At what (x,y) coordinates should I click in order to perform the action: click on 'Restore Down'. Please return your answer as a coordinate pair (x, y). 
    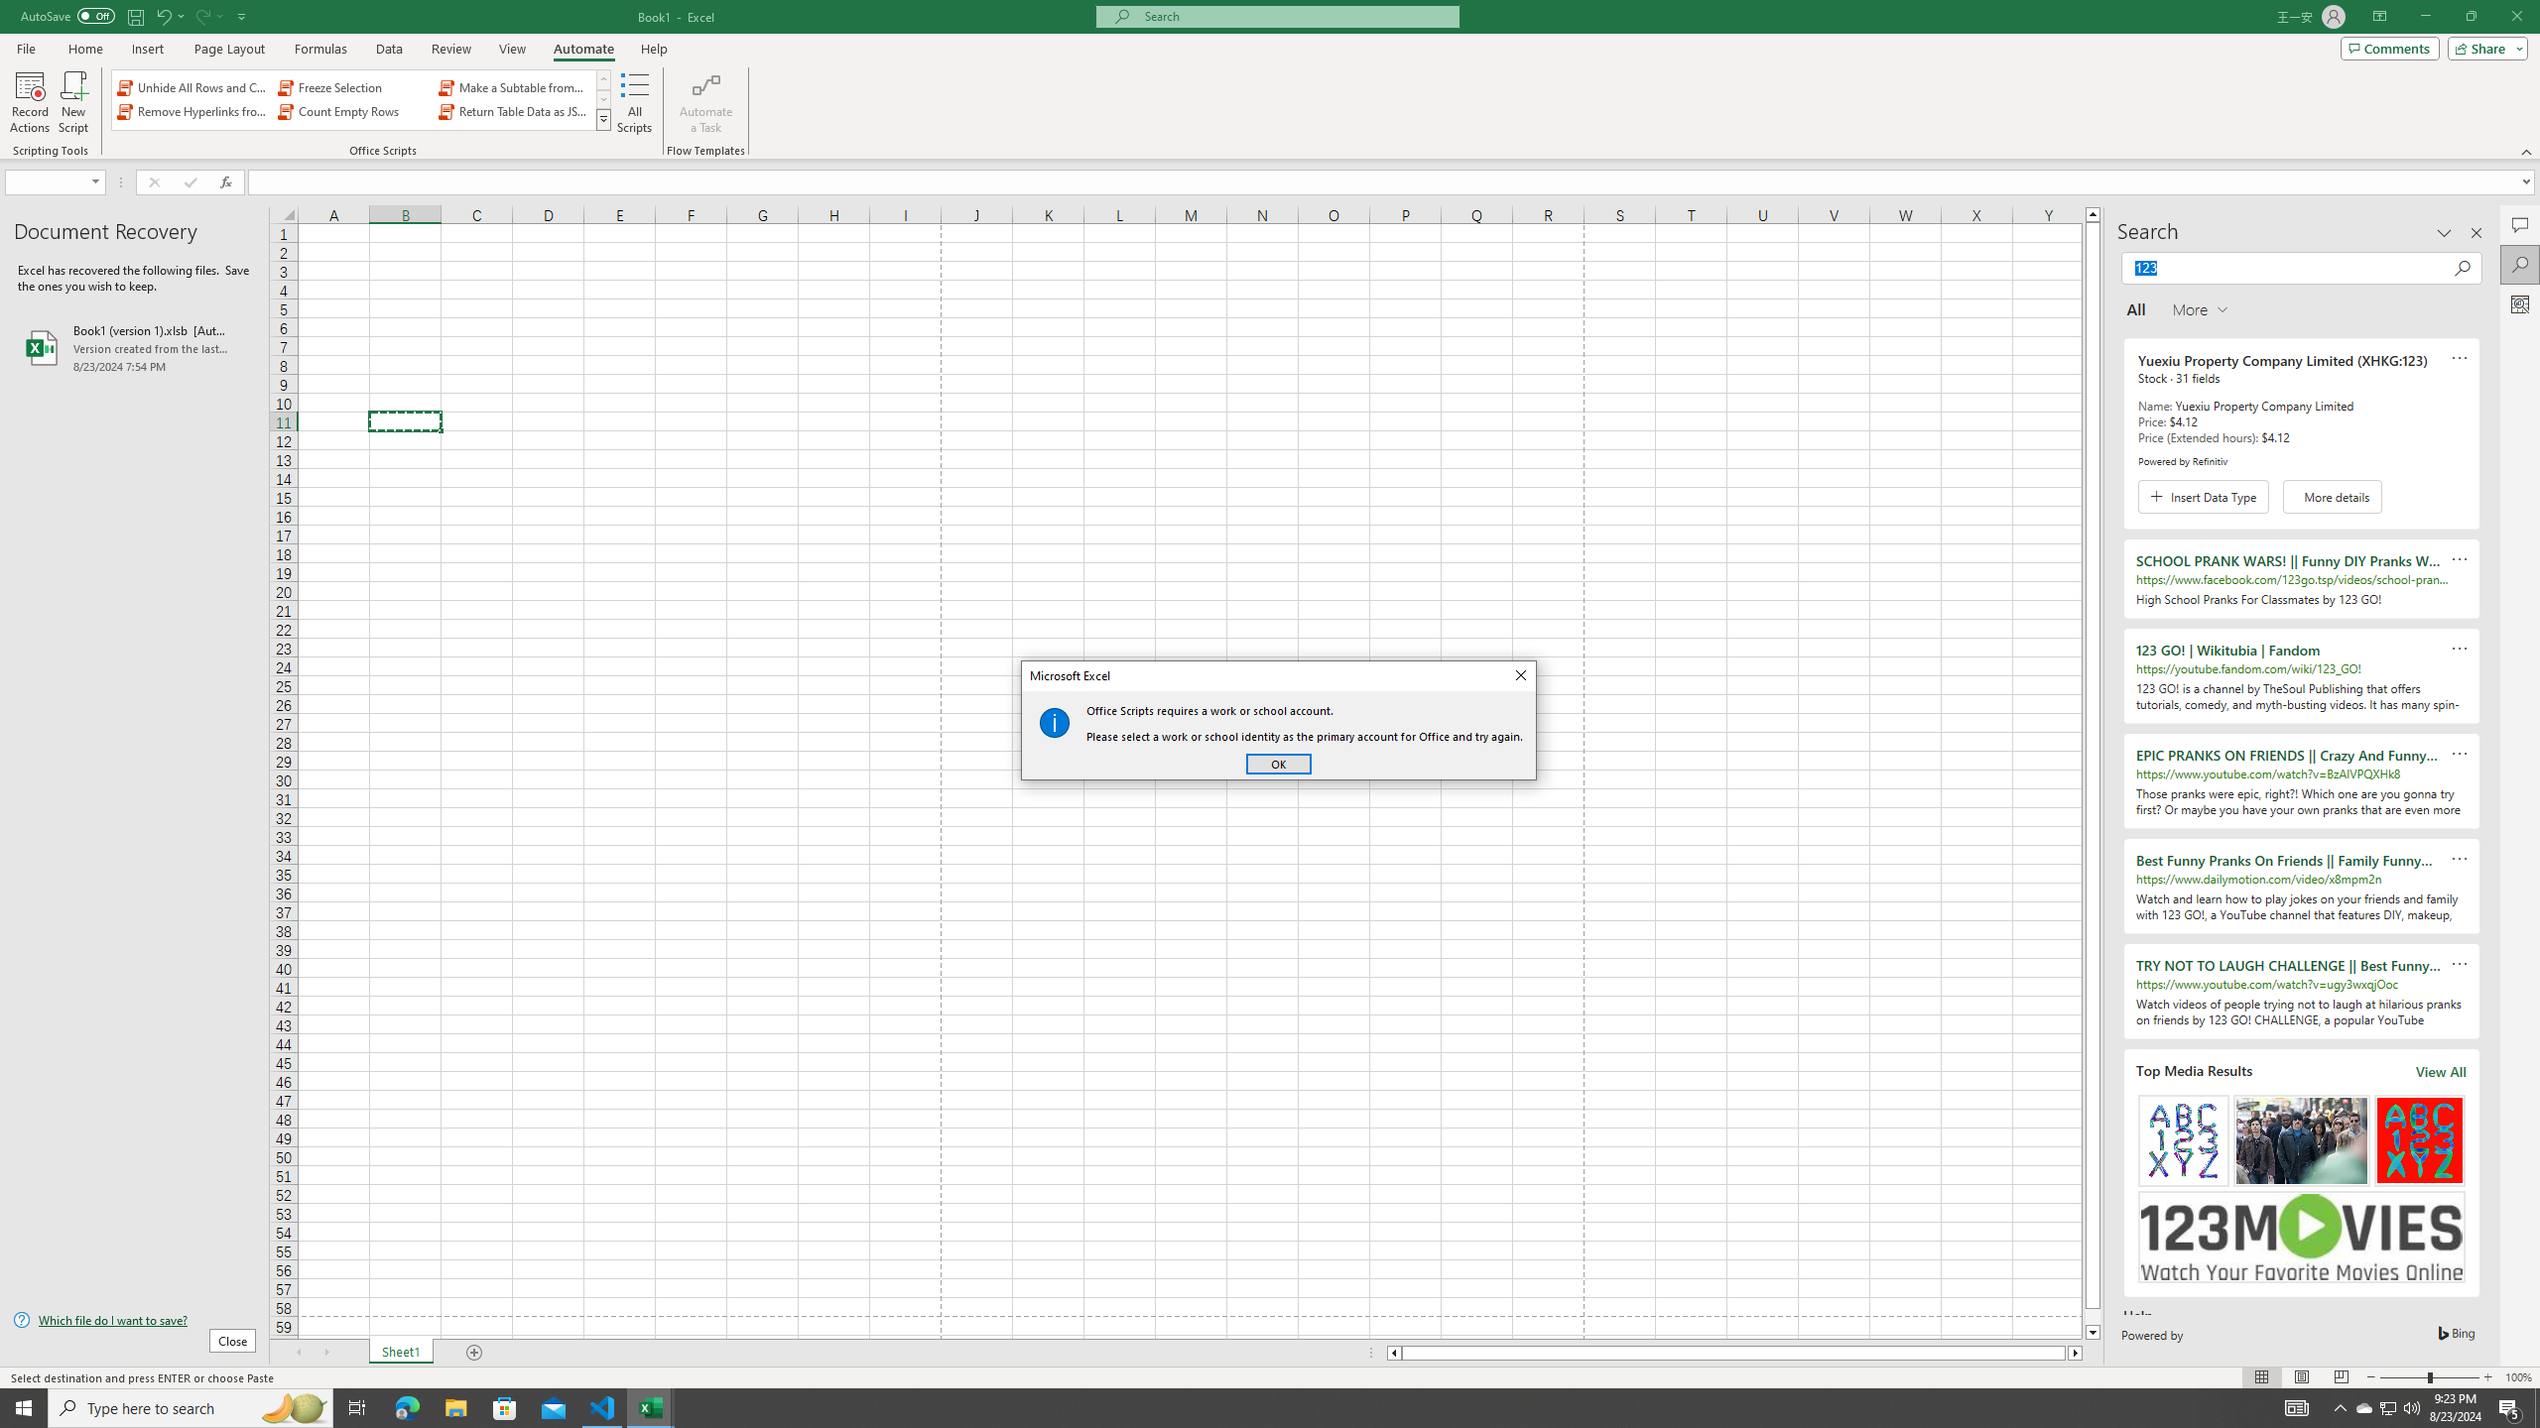
    Looking at the image, I should click on (2471, 16).